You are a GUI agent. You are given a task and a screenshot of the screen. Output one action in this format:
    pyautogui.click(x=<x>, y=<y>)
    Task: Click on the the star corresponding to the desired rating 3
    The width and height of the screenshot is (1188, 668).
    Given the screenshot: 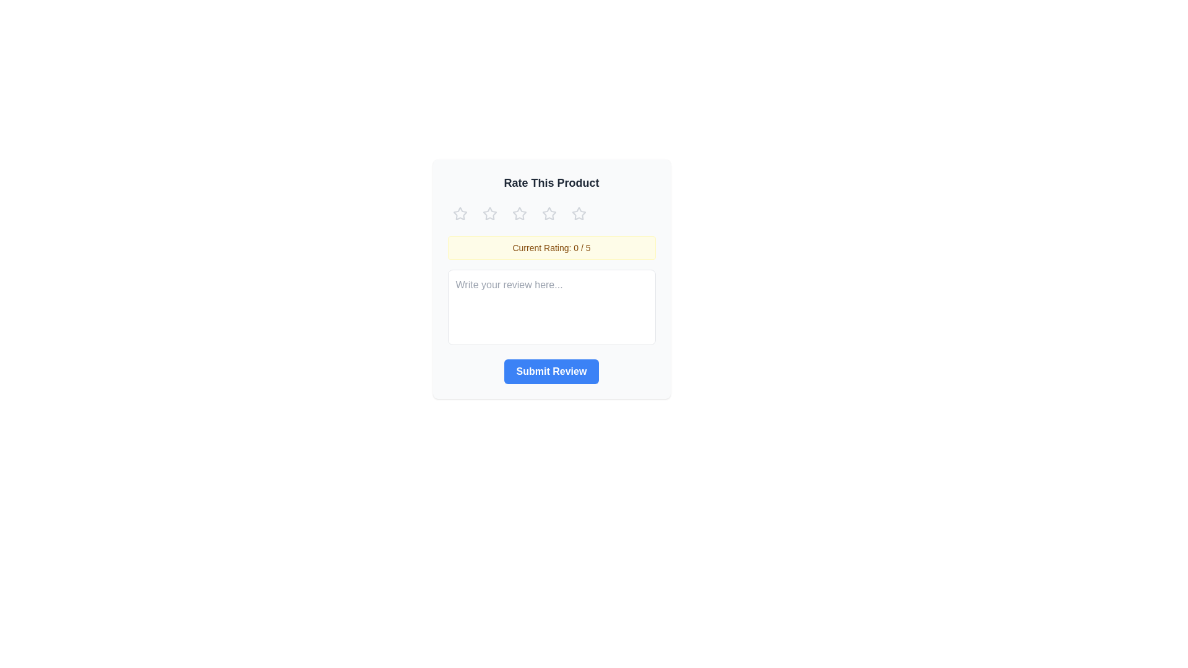 What is the action you would take?
    pyautogui.click(x=519, y=213)
    